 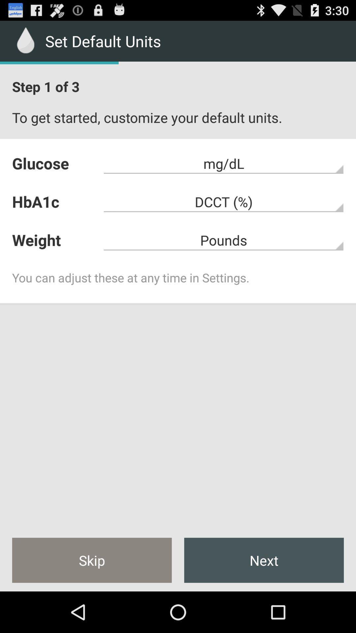 I want to click on skip, so click(x=92, y=560).